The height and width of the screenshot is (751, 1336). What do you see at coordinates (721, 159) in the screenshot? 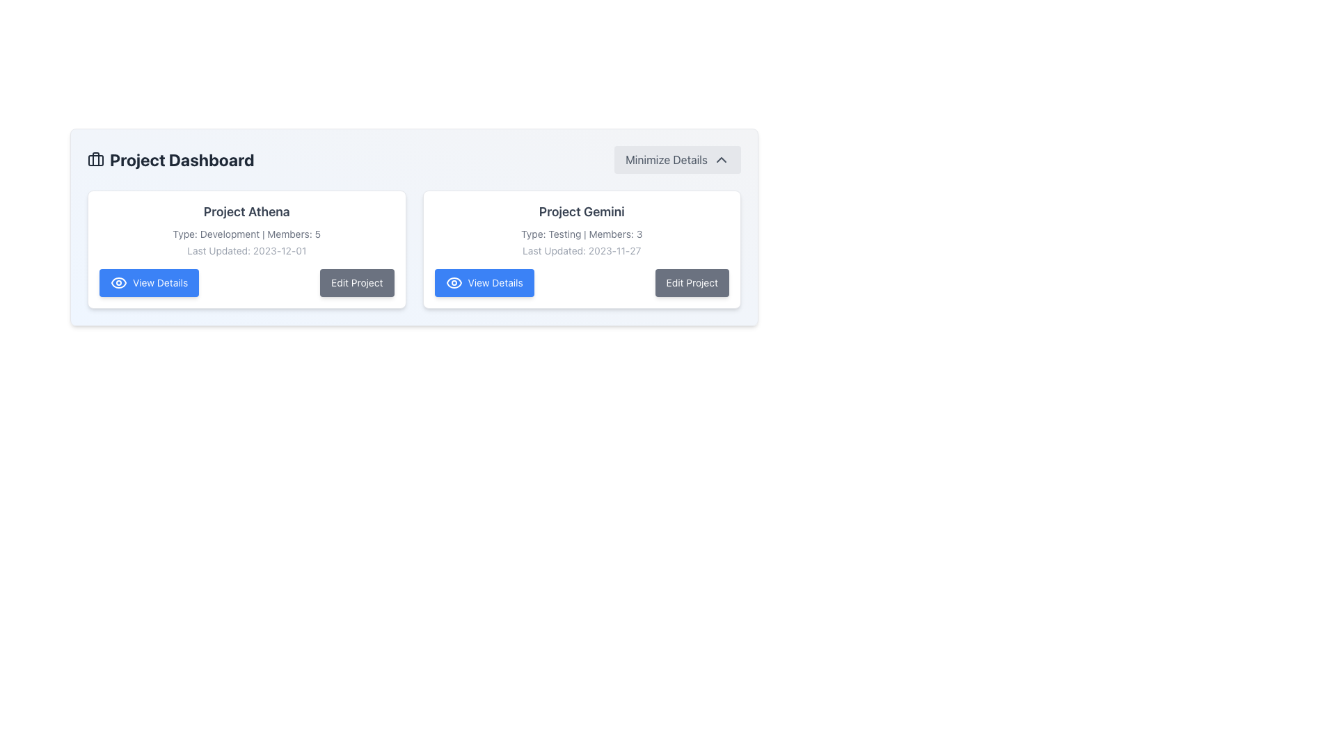
I see `the toggle button in the top-right corner of the 'Minimize Details' section` at bounding box center [721, 159].